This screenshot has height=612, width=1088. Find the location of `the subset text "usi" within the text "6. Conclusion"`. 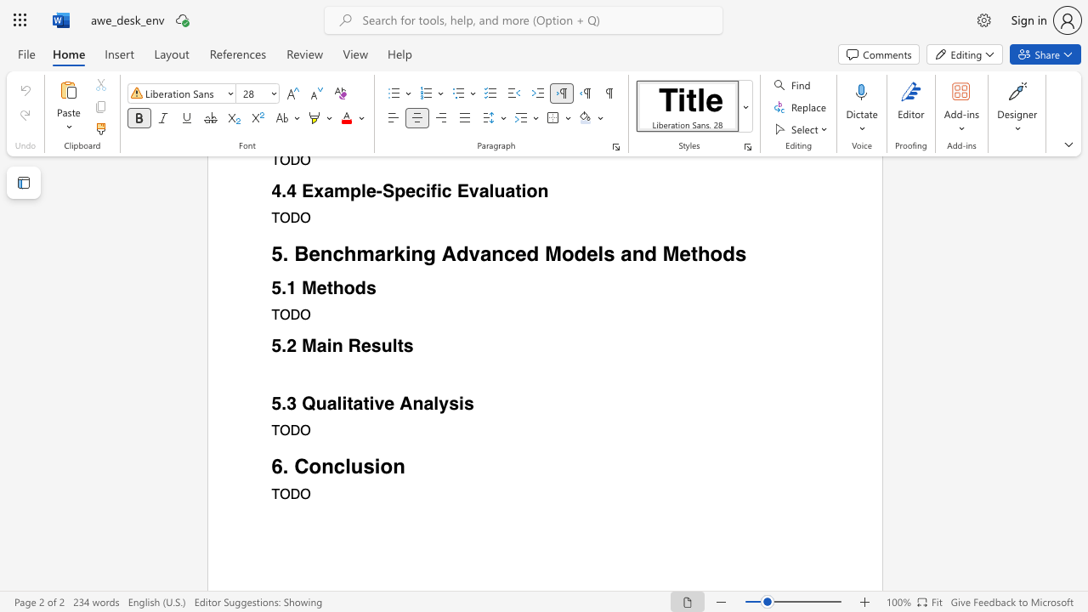

the subset text "usi" within the text "6. Conclusion" is located at coordinates (349, 466).